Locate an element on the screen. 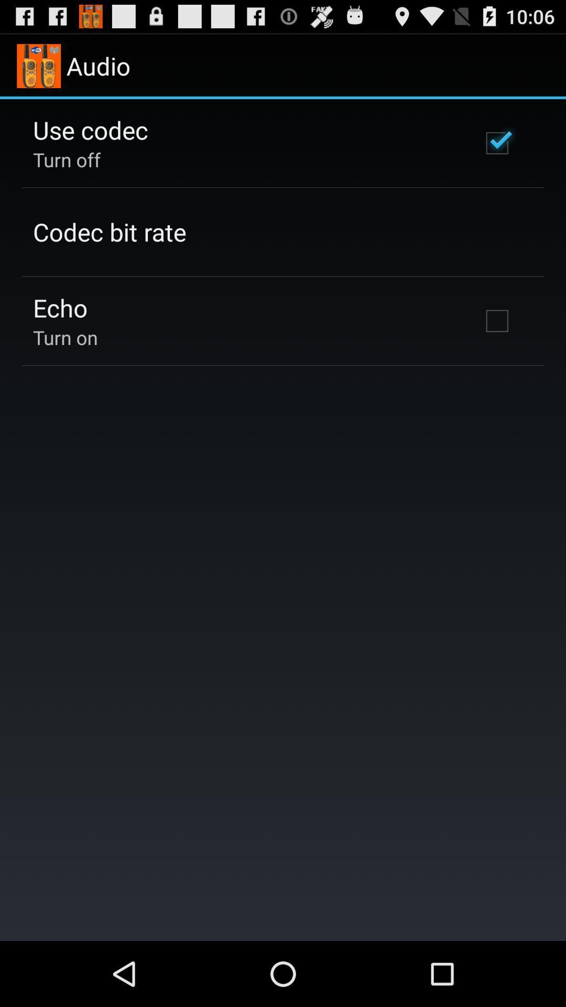  the echo icon is located at coordinates (60, 307).